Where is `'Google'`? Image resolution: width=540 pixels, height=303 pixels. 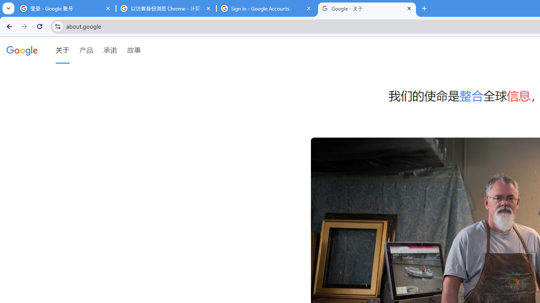 'Google' is located at coordinates (22, 50).